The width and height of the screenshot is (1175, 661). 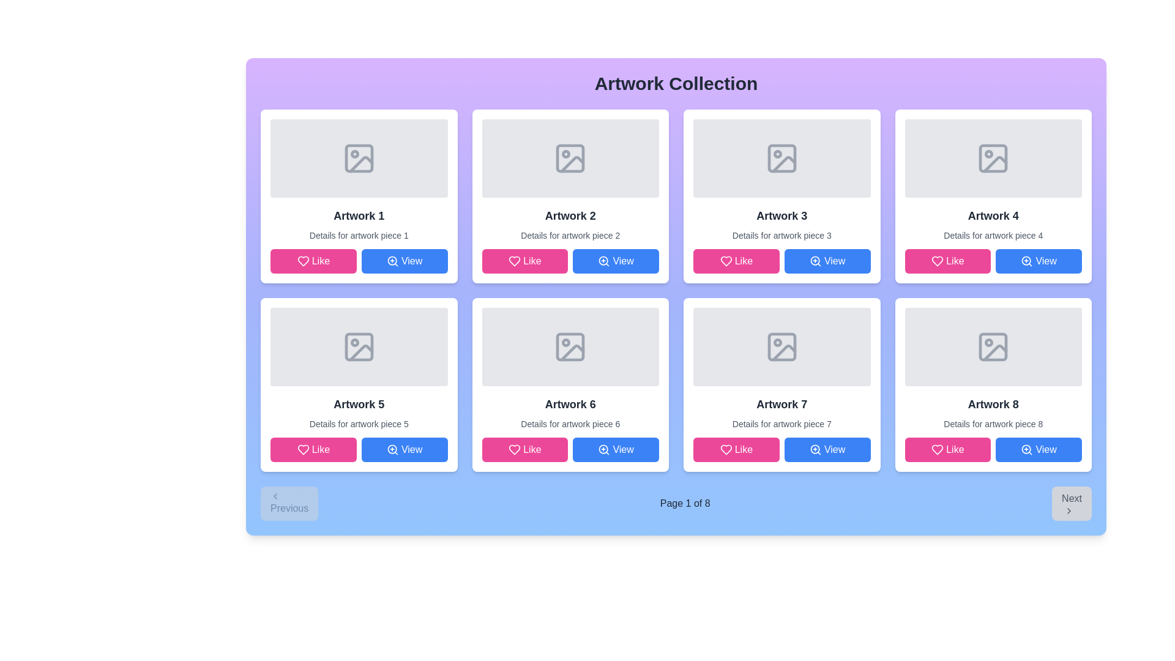 What do you see at coordinates (358, 215) in the screenshot?
I see `the text label representing the artwork item located in the top-left card of the grid layout, positioned below the image placeholder` at bounding box center [358, 215].